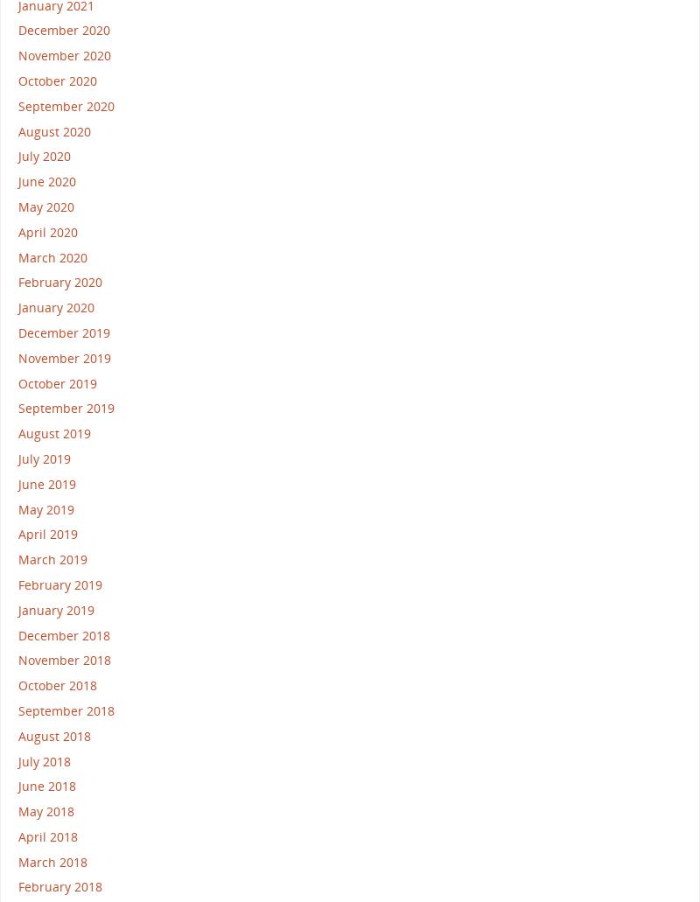  I want to click on 'September 2019', so click(66, 408).